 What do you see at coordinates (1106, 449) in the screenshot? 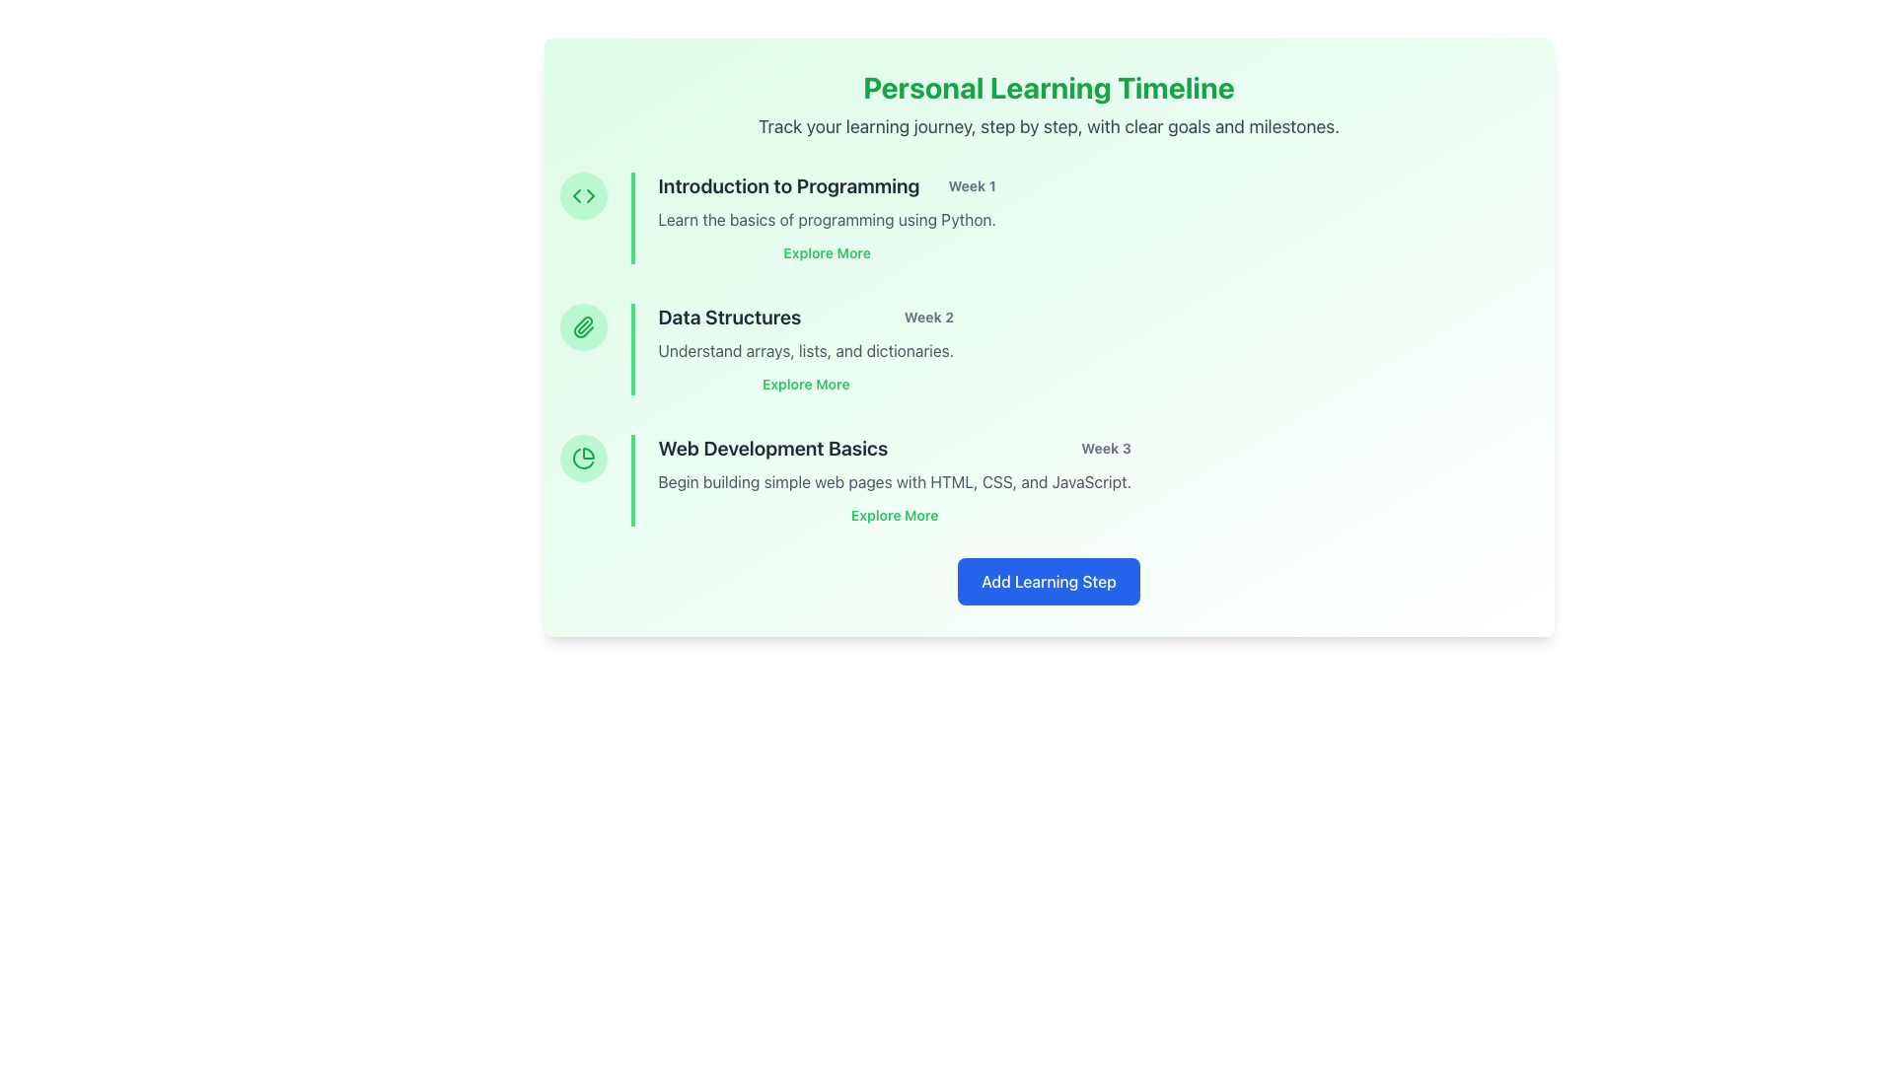
I see `the Text Label that indicates the week number for the 'Web Development Basics' course, located to the right of the course title` at bounding box center [1106, 449].